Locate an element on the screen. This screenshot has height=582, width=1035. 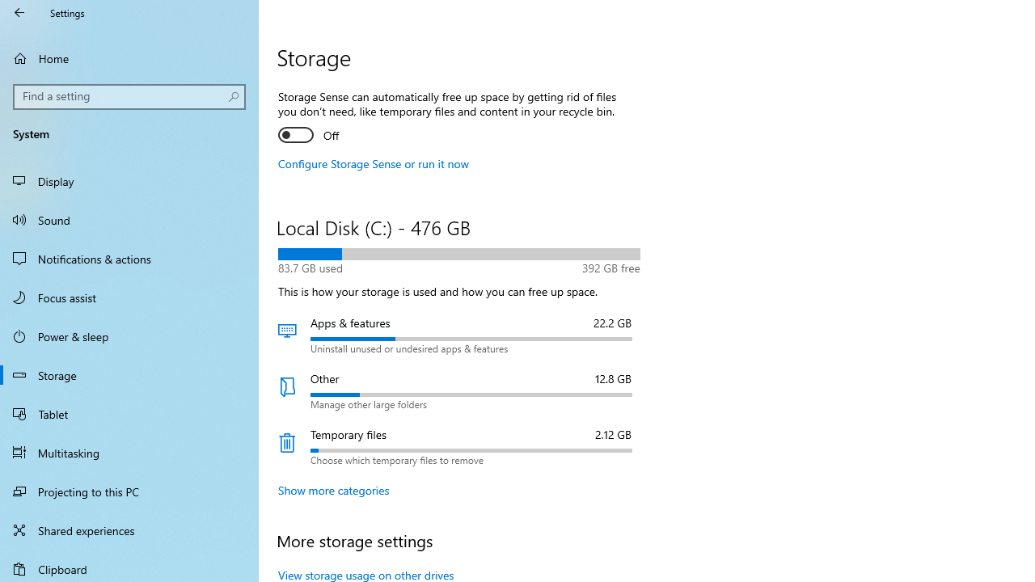
'Storage' is located at coordinates (129, 375).